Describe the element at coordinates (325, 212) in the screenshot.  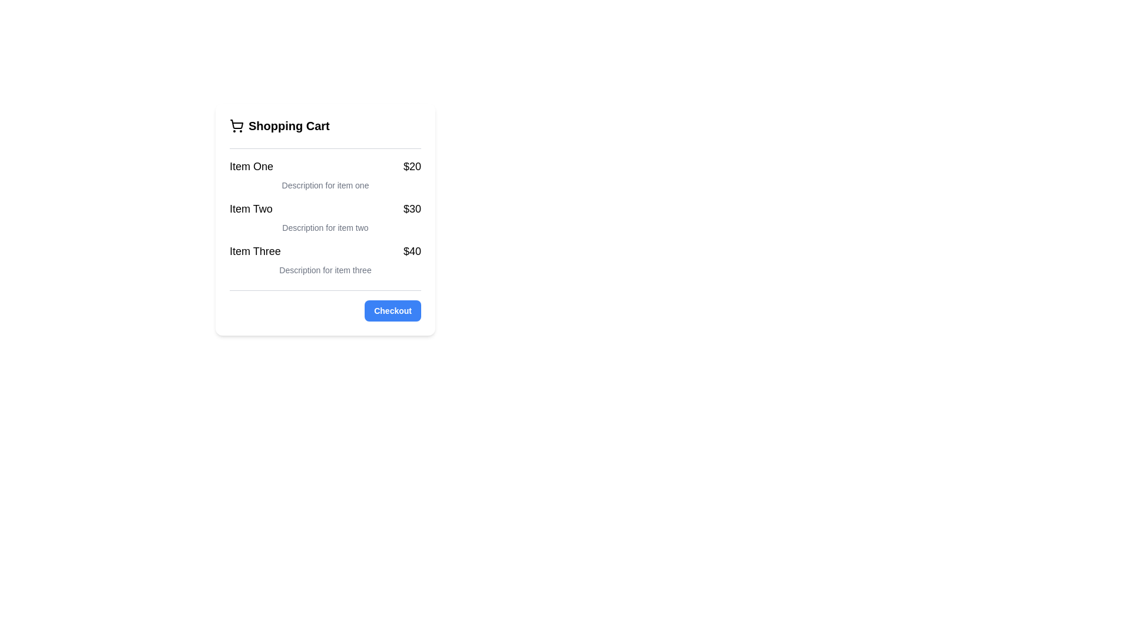
I see `an individual item in the shopping cart list` at that location.